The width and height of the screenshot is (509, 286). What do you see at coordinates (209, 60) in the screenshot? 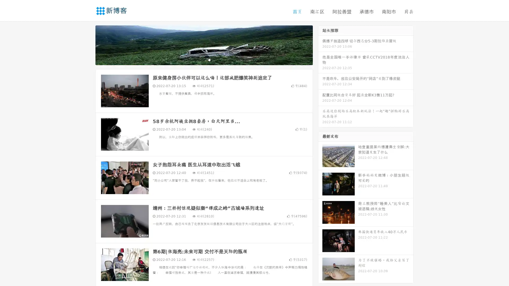
I see `Go to slide 3` at bounding box center [209, 60].